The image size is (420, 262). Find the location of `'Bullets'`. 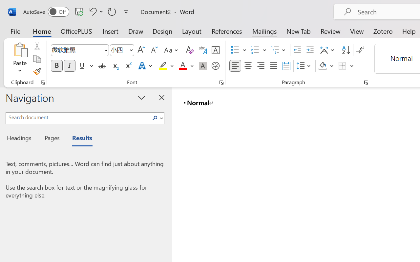

'Bullets' is located at coordinates (238, 50).